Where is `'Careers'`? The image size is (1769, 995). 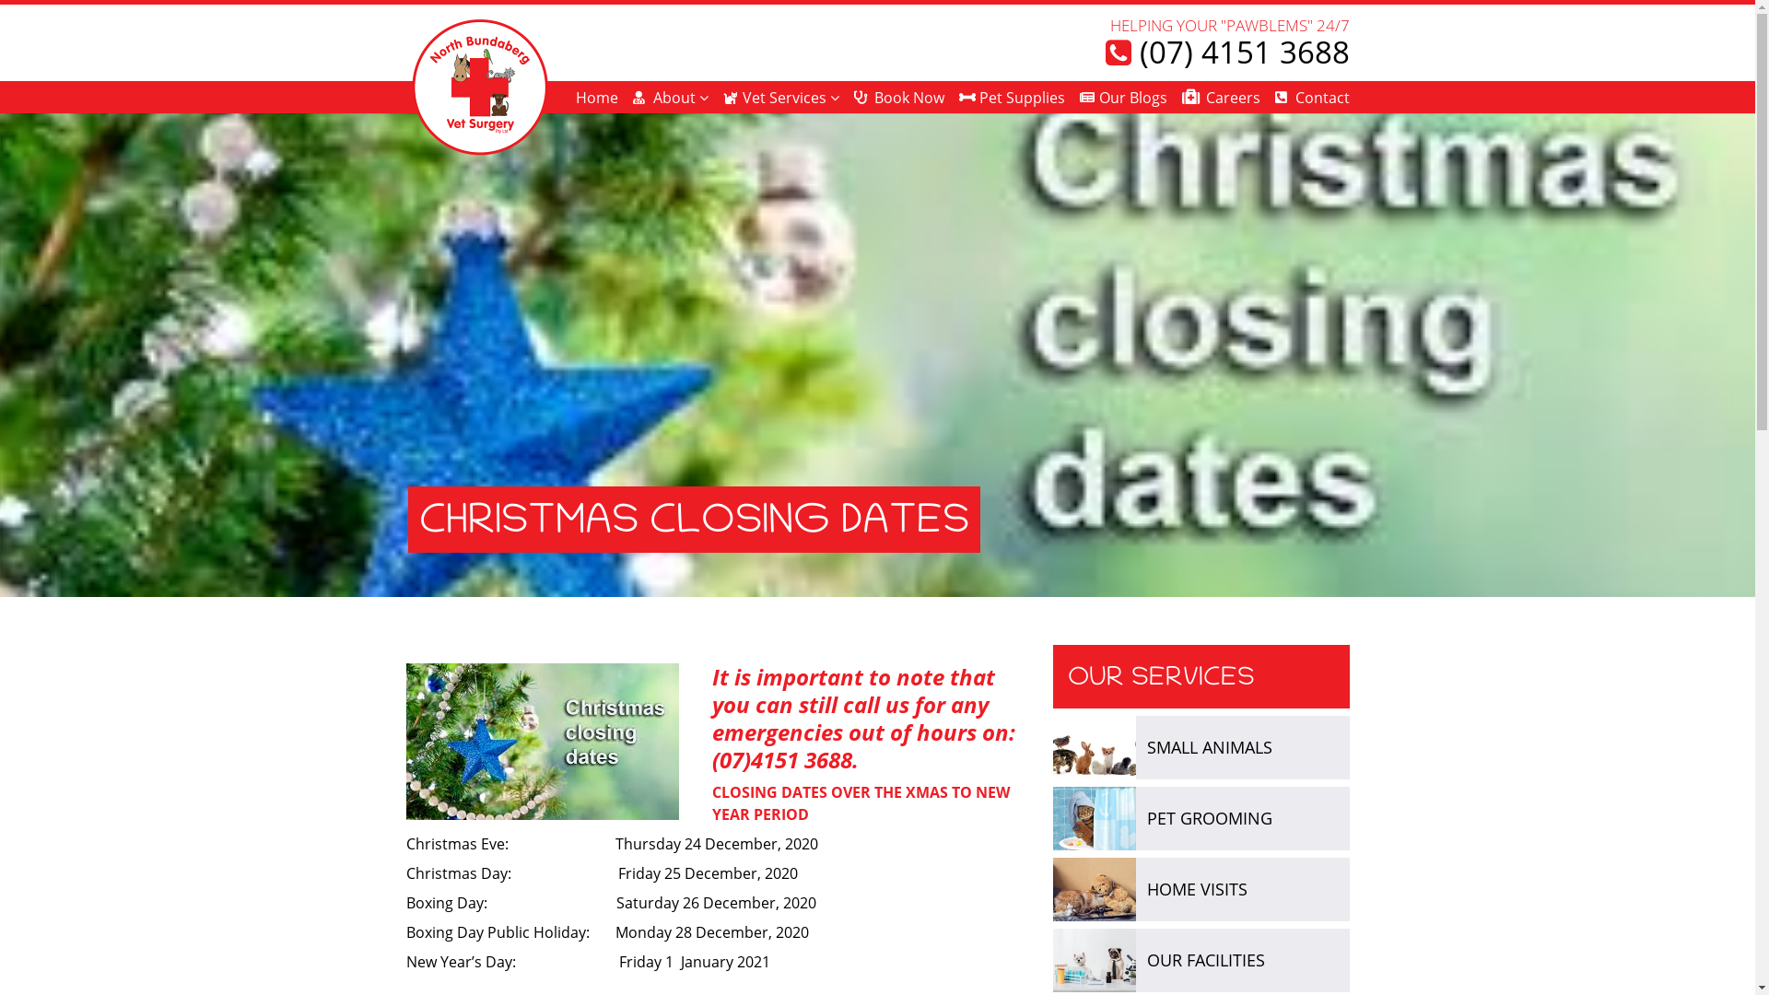 'Careers' is located at coordinates (1181, 97).